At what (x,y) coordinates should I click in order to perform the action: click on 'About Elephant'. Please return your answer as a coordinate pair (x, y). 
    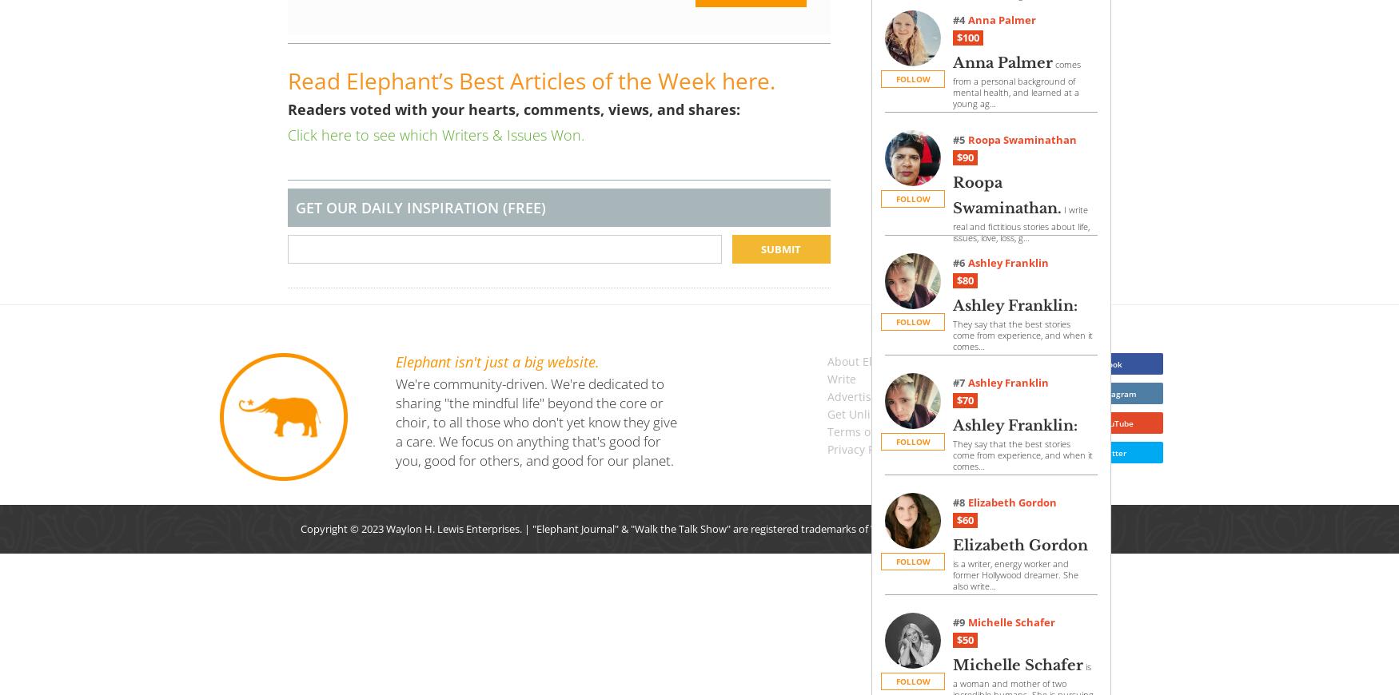
    Looking at the image, I should click on (868, 360).